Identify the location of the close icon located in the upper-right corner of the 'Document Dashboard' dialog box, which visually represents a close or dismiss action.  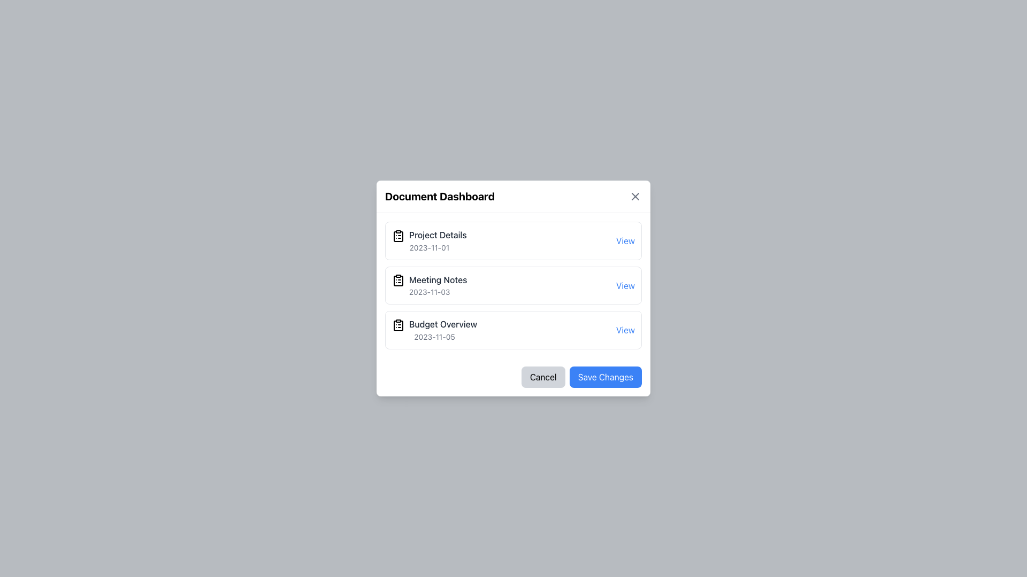
(635, 196).